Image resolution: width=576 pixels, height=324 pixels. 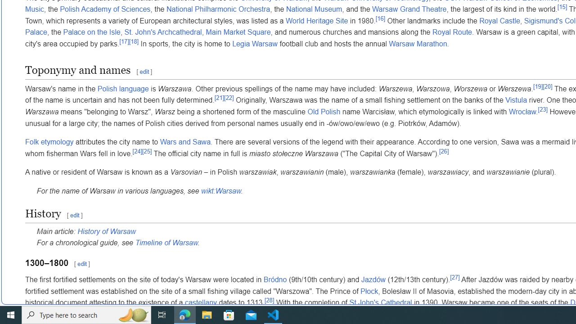 I want to click on 'Legia Warsaw', so click(x=254, y=44).